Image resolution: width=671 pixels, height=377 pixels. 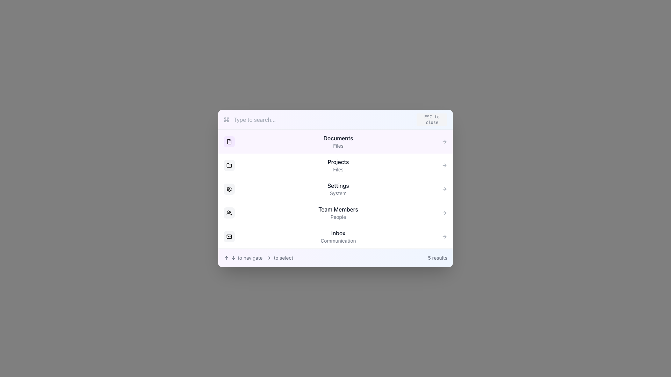 What do you see at coordinates (338, 162) in the screenshot?
I see `the 'Projects' text label located under the 'Documents' header` at bounding box center [338, 162].